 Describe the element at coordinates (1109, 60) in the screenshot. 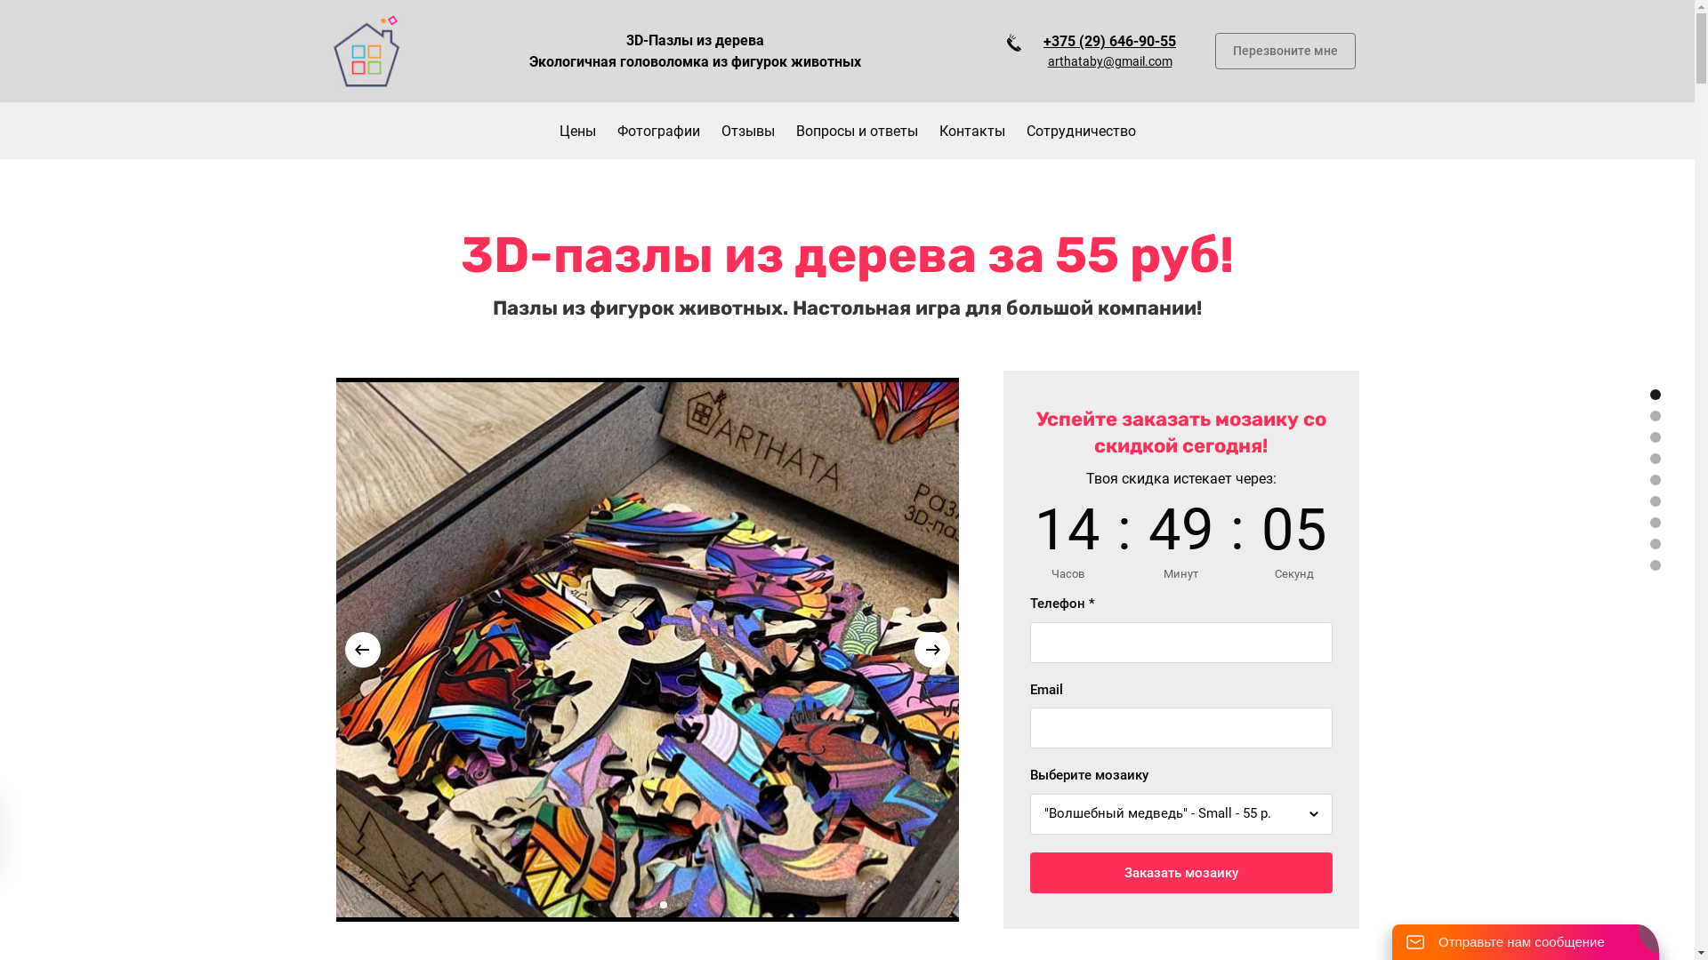

I see `'arthataby@gmail.com'` at that location.